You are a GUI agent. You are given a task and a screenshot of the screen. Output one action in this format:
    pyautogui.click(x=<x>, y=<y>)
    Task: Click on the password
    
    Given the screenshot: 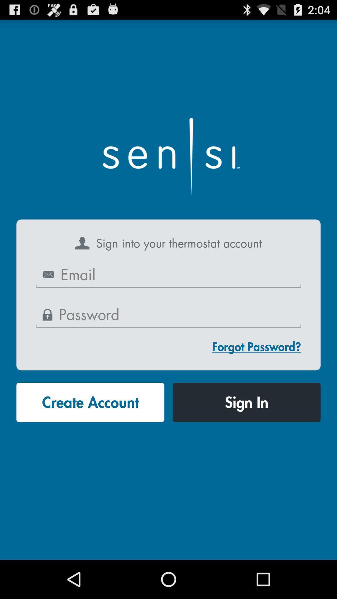 What is the action you would take?
    pyautogui.click(x=168, y=315)
    